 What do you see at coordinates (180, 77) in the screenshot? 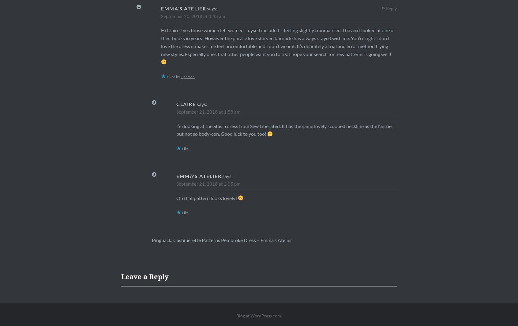
I see `'1 person'` at bounding box center [180, 77].